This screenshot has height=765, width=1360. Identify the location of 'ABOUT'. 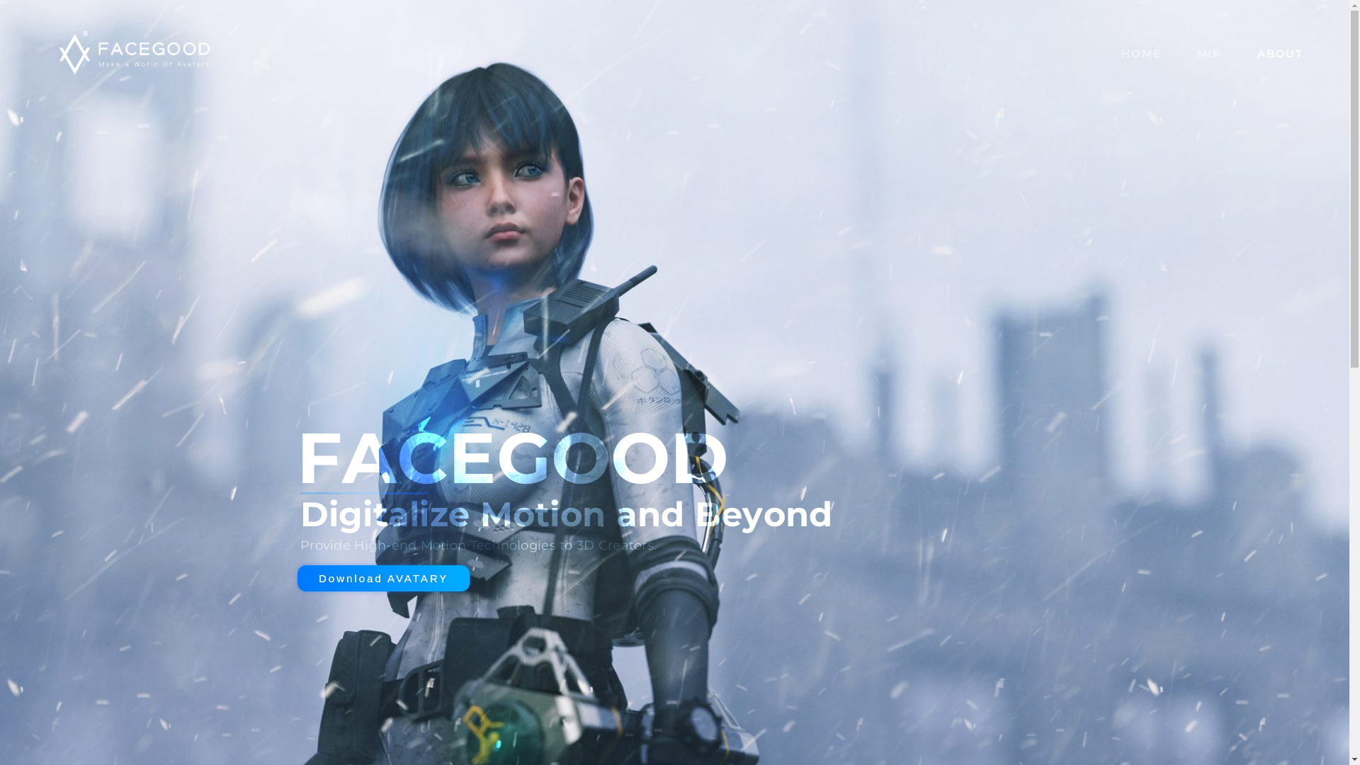
(1280, 51).